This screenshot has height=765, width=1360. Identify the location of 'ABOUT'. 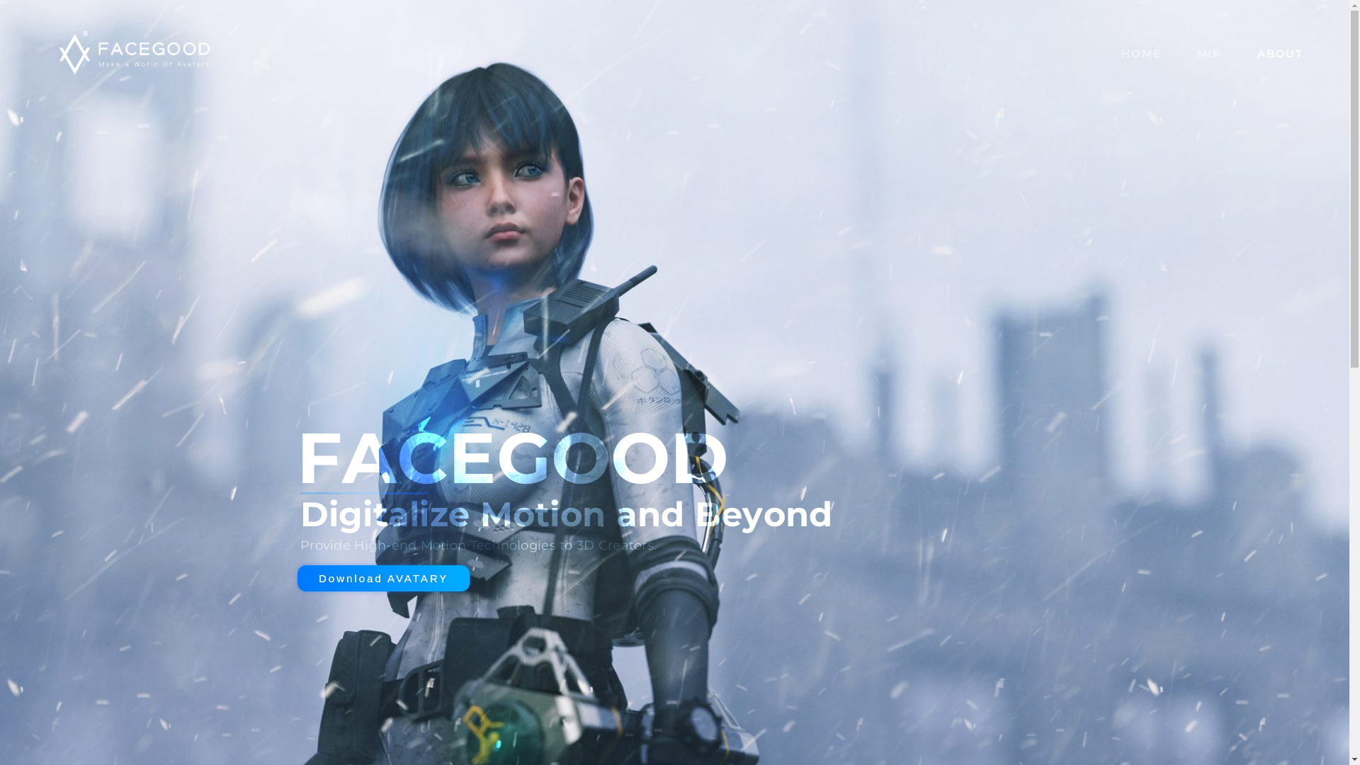
(1280, 51).